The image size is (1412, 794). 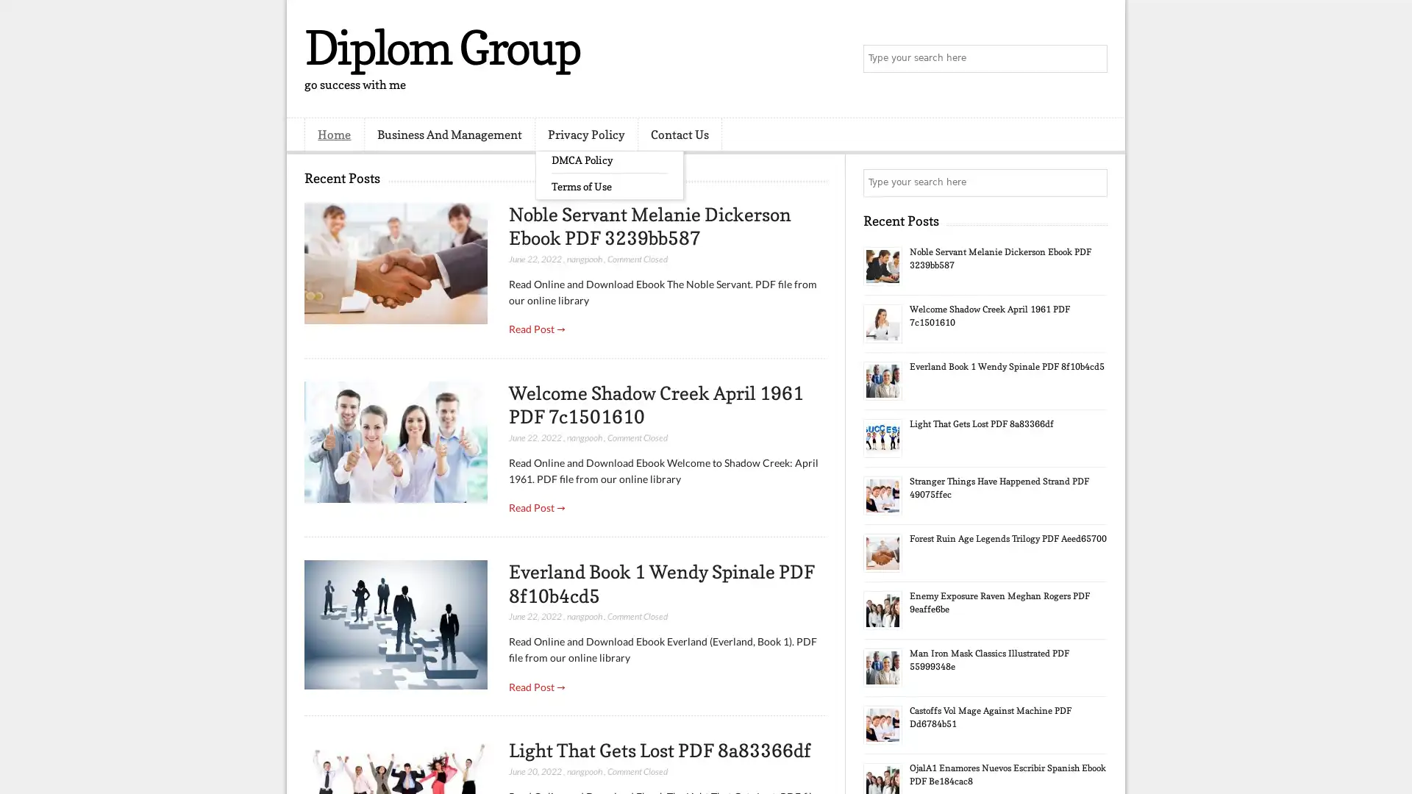 I want to click on Search, so click(x=1092, y=182).